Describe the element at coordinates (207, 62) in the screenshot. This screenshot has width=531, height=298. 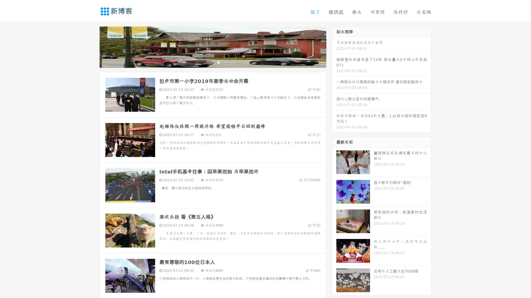
I see `Go to slide 1` at that location.